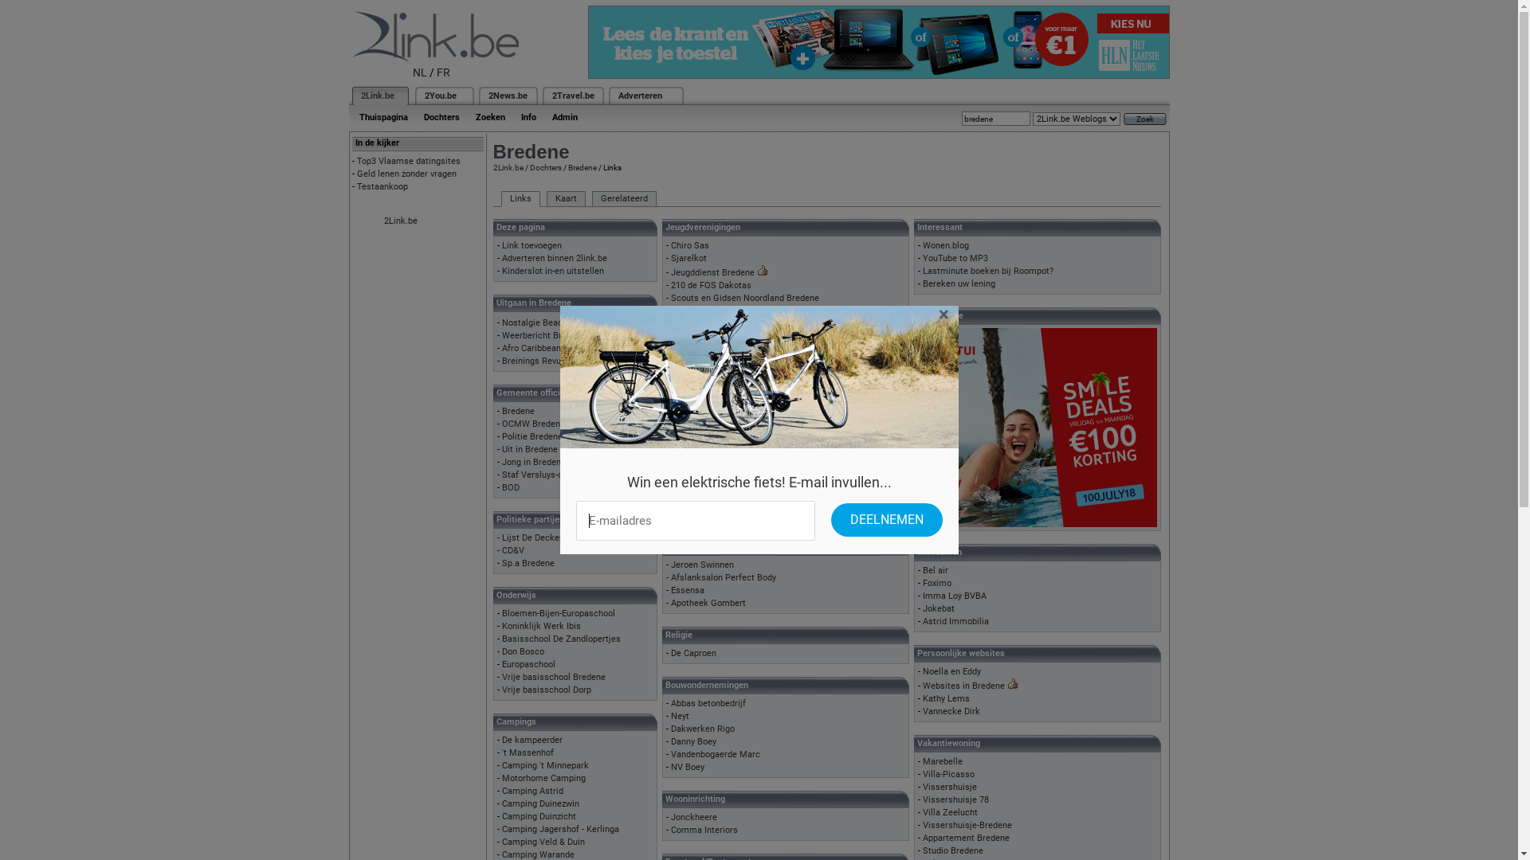 The height and width of the screenshot is (860, 1530). What do you see at coordinates (566, 198) in the screenshot?
I see `'Kaart'` at bounding box center [566, 198].